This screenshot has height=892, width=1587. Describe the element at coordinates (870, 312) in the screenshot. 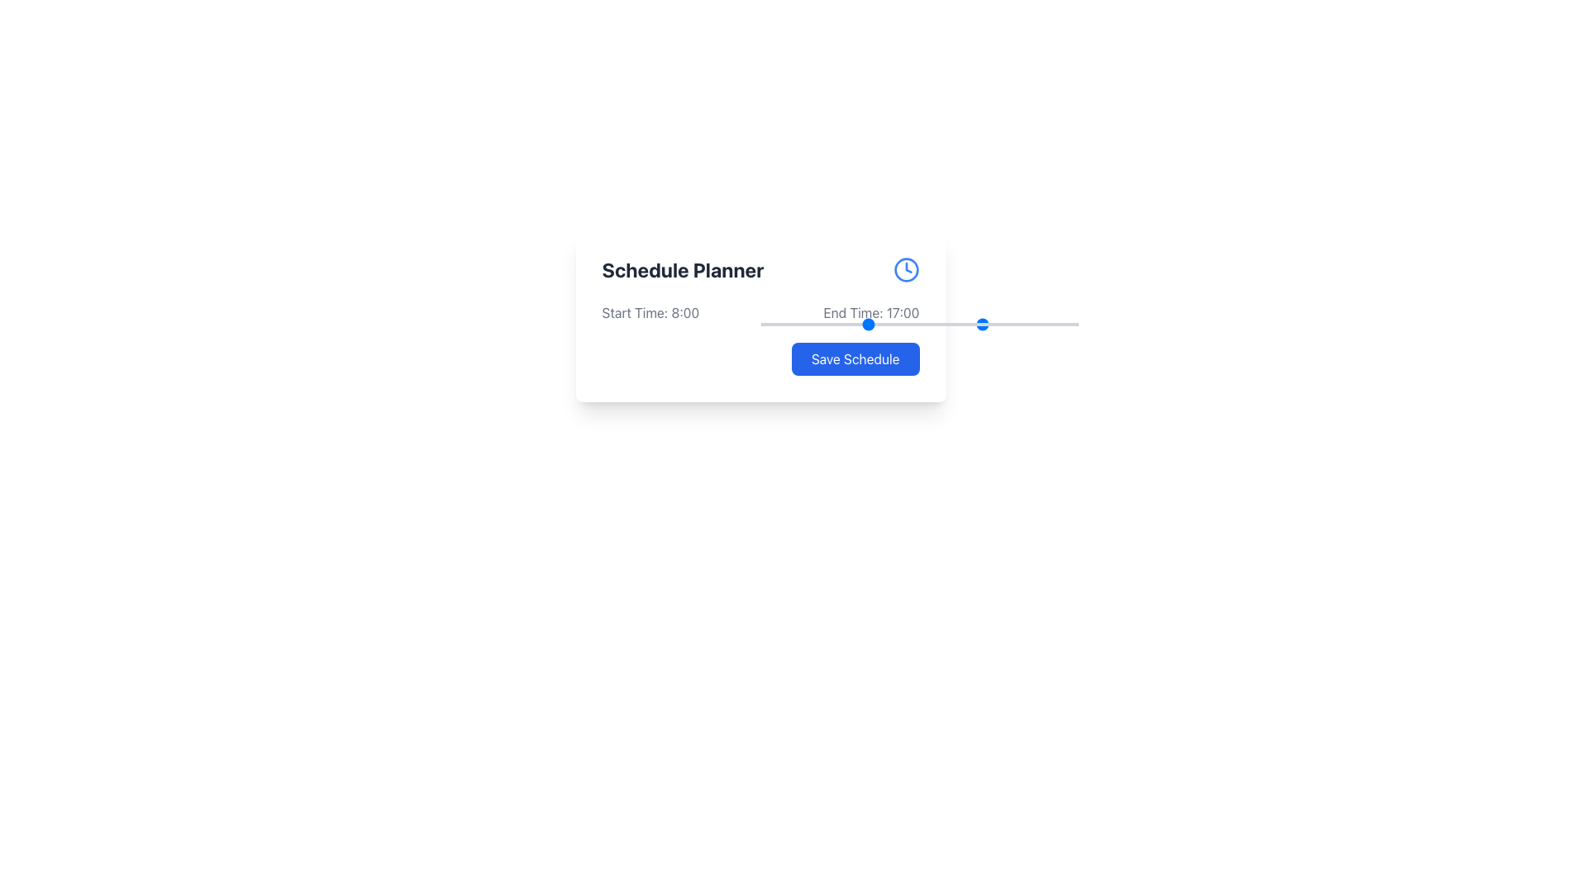

I see `the Text Label displaying the end time for a scheduled event` at that location.